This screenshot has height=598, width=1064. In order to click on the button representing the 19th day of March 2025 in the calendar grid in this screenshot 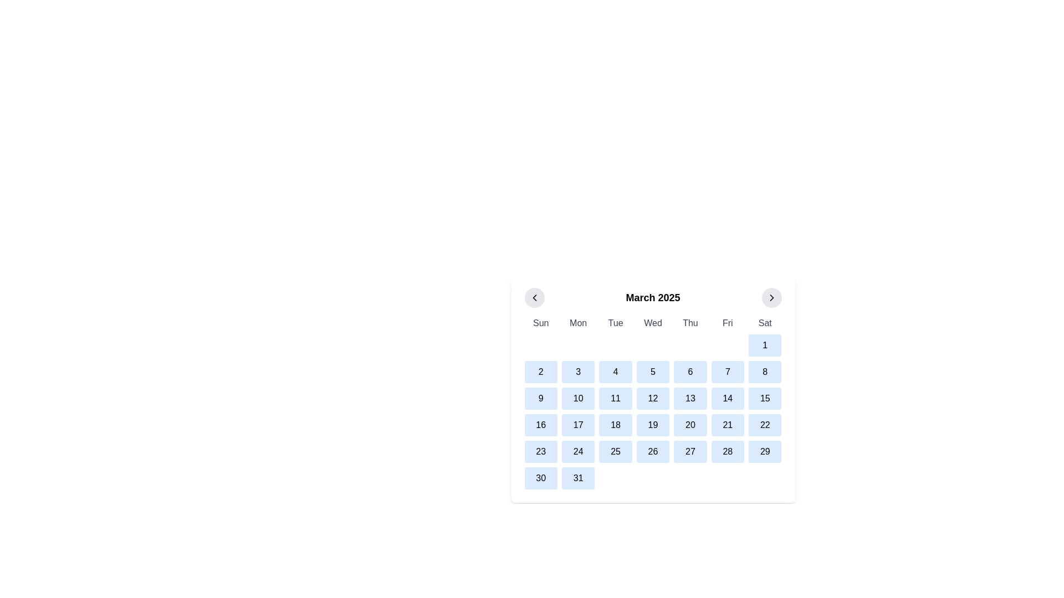, I will do `click(653, 424)`.